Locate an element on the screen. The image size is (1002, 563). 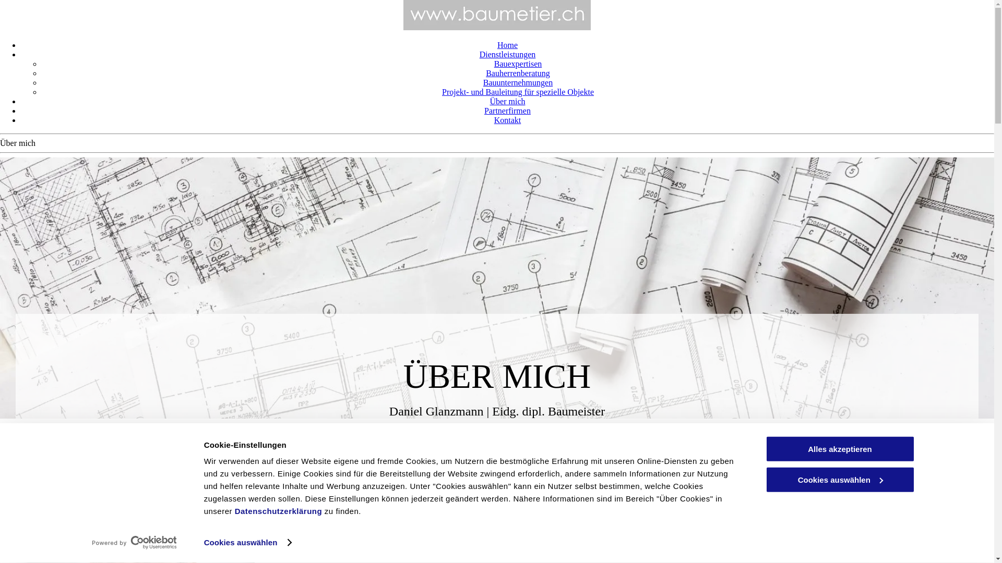
'Bauherrenberatung' is located at coordinates (485, 72).